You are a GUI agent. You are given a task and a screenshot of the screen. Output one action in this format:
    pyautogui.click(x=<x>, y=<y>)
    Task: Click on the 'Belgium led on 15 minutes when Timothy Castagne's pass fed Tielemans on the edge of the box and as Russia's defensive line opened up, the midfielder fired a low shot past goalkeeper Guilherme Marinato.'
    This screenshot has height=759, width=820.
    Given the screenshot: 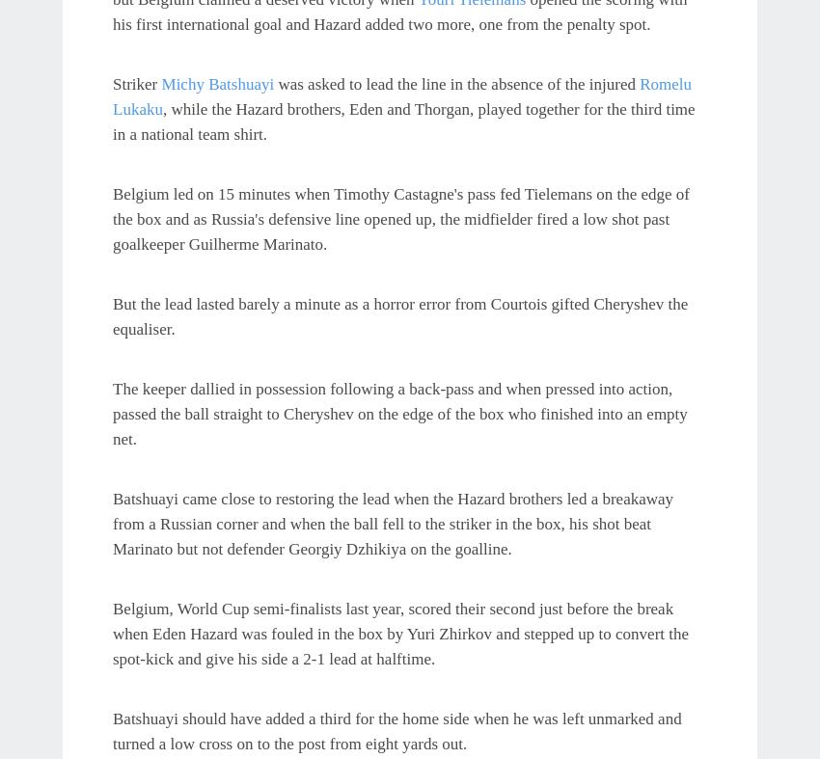 What is the action you would take?
    pyautogui.click(x=400, y=218)
    